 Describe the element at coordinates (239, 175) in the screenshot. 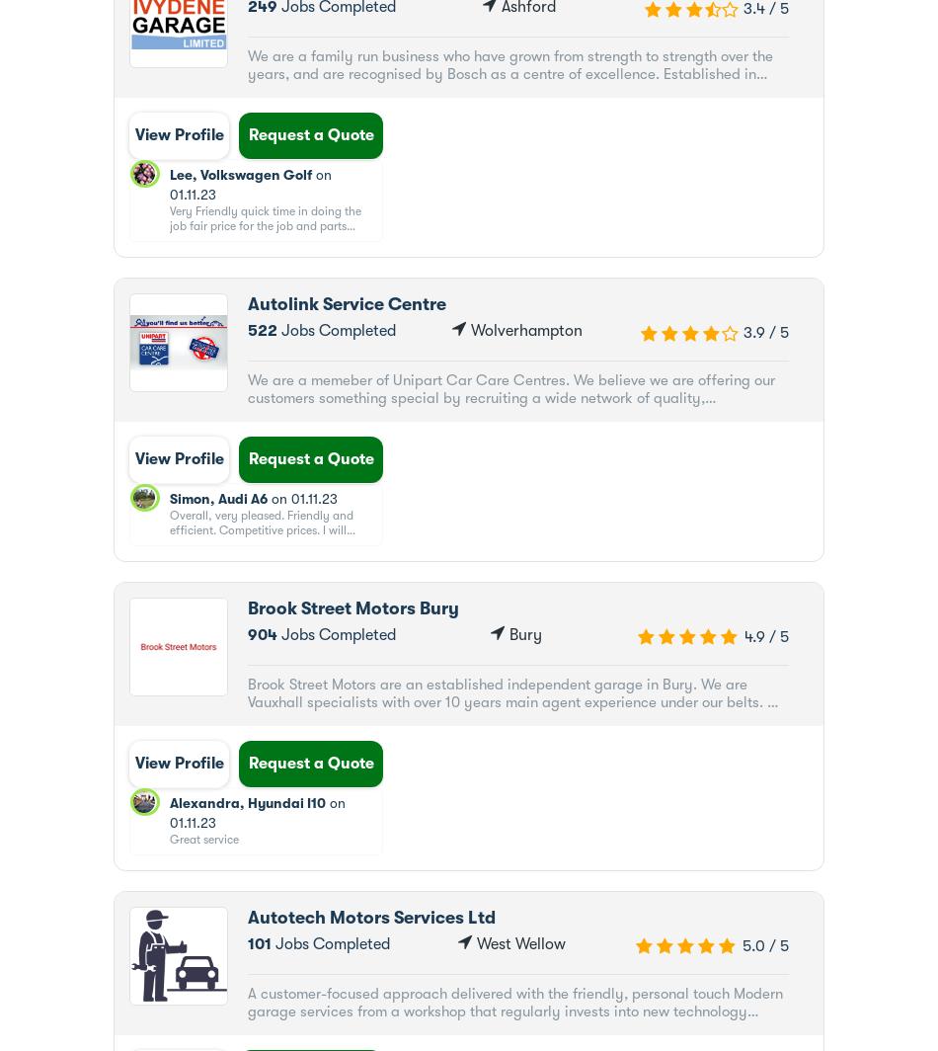

I see `'Lee, Volkswagen Golf'` at that location.